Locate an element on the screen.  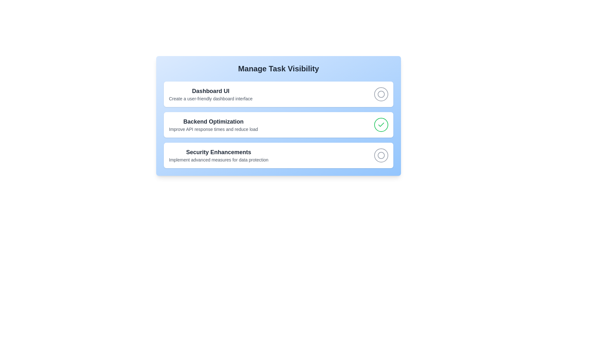
the static text element that provides additional details about the 'Security Enhancements' feature, located directly under the bold title in the grouped section is located at coordinates (219, 159).